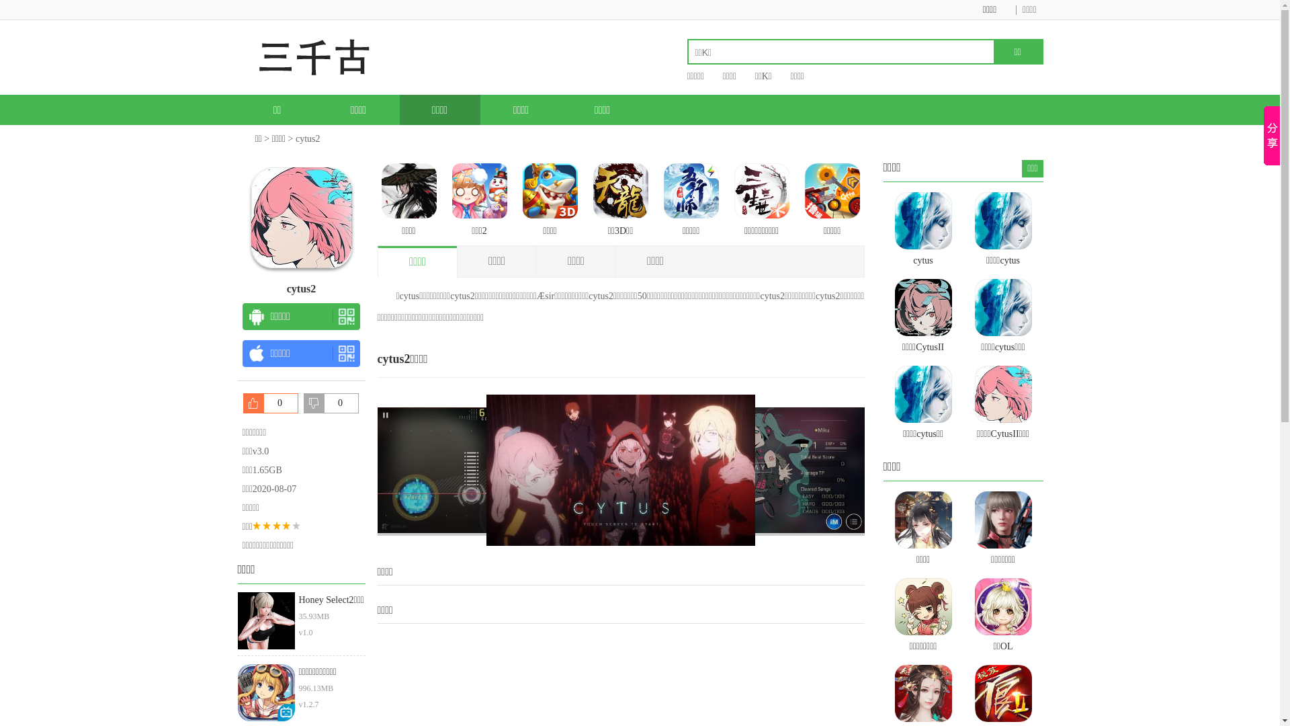  Describe the element at coordinates (922, 230) in the screenshot. I see `'cytus'` at that location.